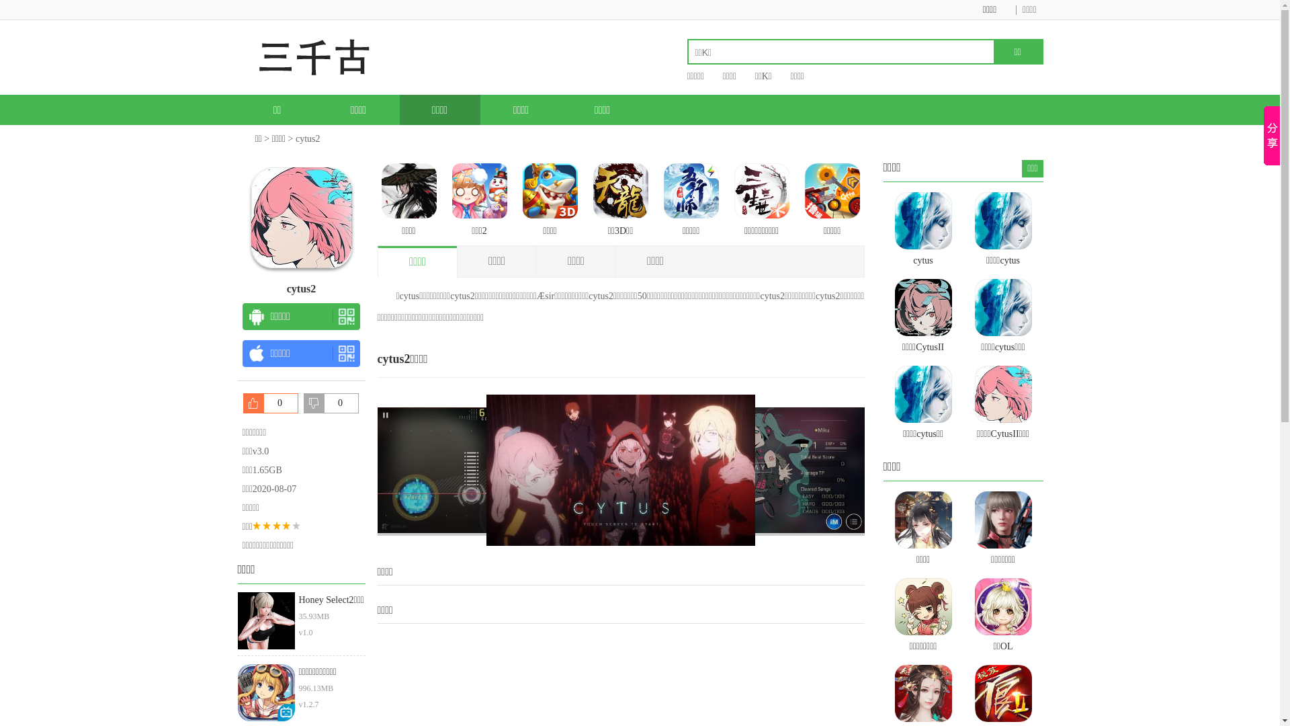  Describe the element at coordinates (922, 230) in the screenshot. I see `'cytus'` at that location.